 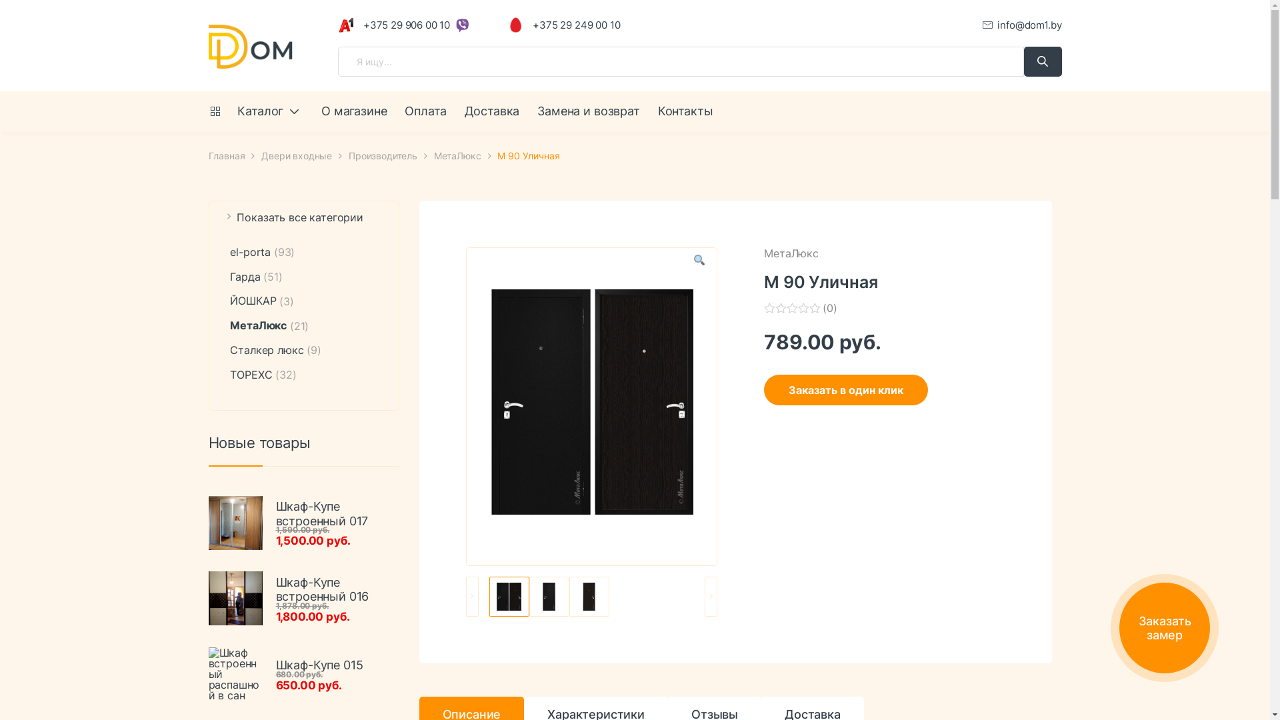 What do you see at coordinates (338, 25) in the screenshot?
I see `'+375 29 906 00 10'` at bounding box center [338, 25].